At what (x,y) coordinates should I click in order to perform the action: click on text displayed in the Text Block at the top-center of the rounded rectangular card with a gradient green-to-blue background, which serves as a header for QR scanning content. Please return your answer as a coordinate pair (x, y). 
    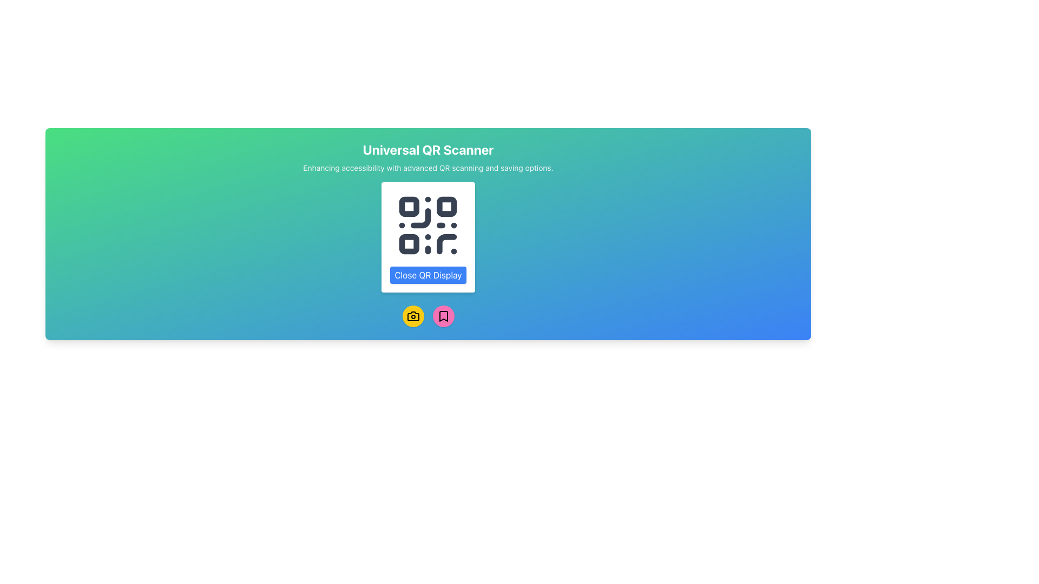
    Looking at the image, I should click on (428, 157).